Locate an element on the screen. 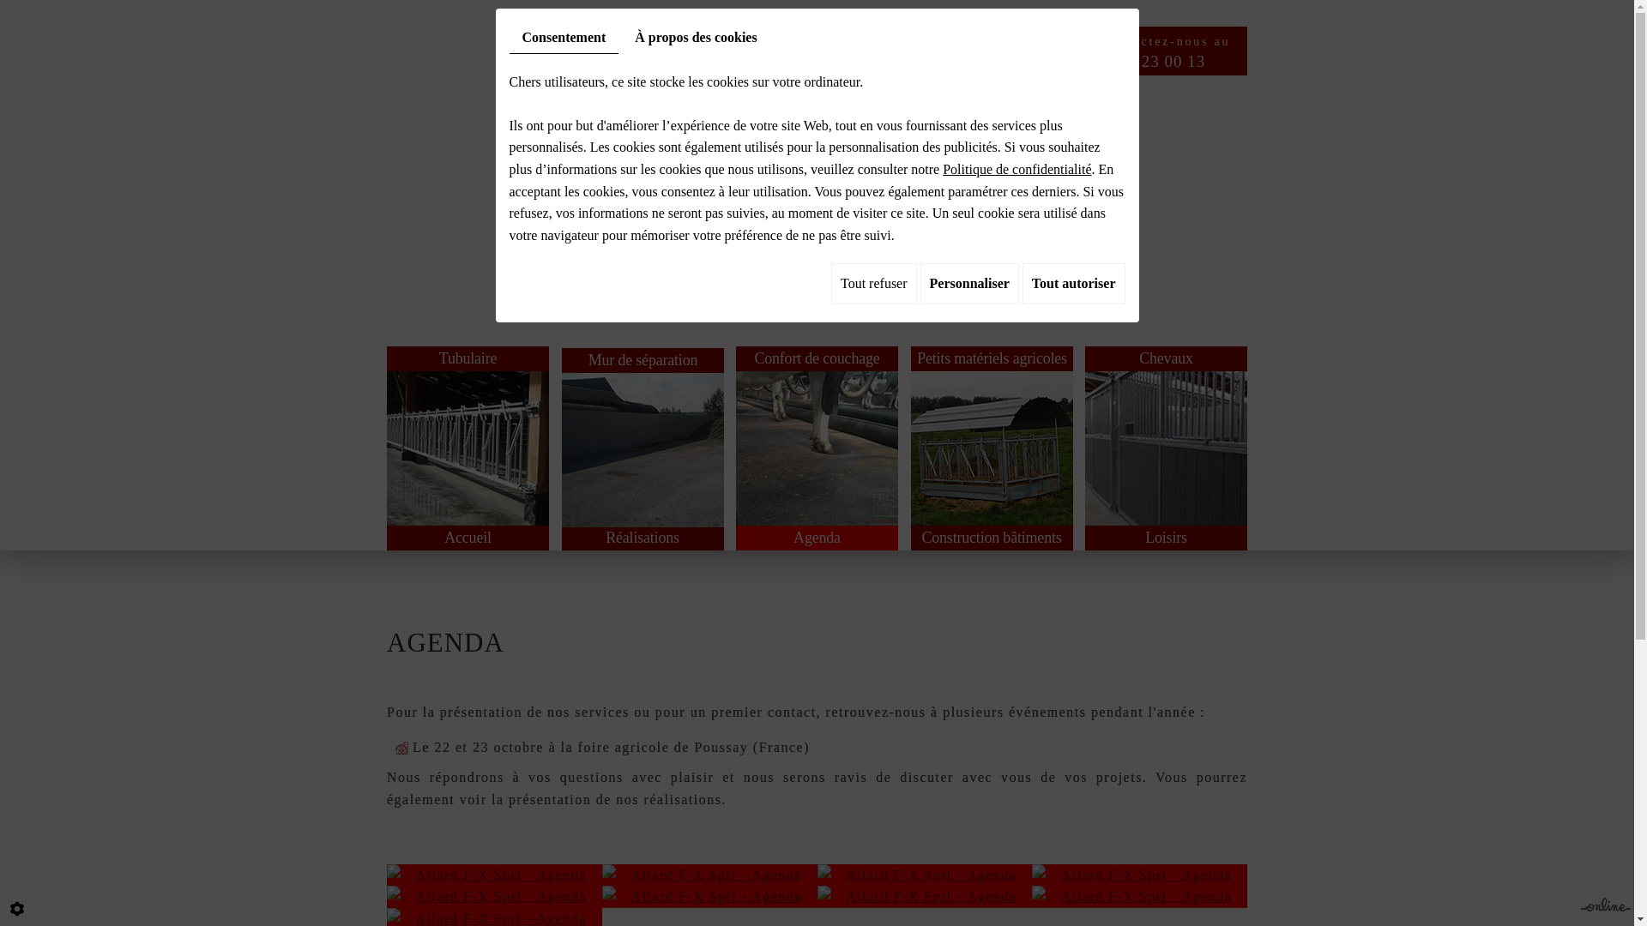 The height and width of the screenshot is (926, 1647). 'Loisirs' is located at coordinates (1166, 537).